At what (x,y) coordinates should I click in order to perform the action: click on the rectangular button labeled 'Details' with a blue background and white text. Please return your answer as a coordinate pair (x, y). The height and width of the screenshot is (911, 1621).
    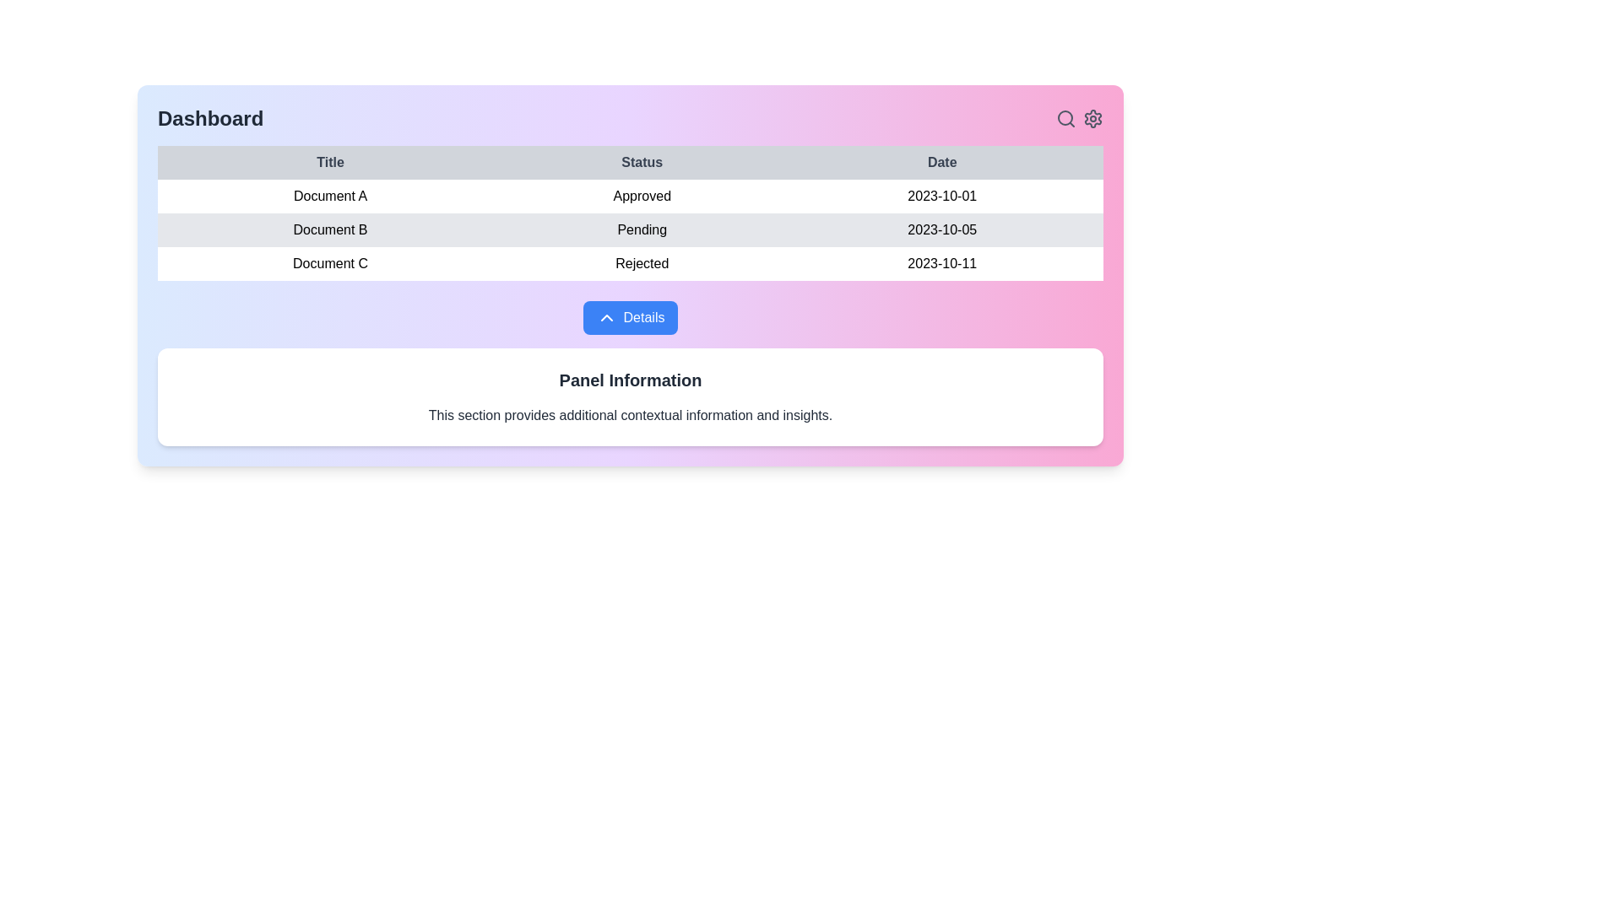
    Looking at the image, I should click on (630, 318).